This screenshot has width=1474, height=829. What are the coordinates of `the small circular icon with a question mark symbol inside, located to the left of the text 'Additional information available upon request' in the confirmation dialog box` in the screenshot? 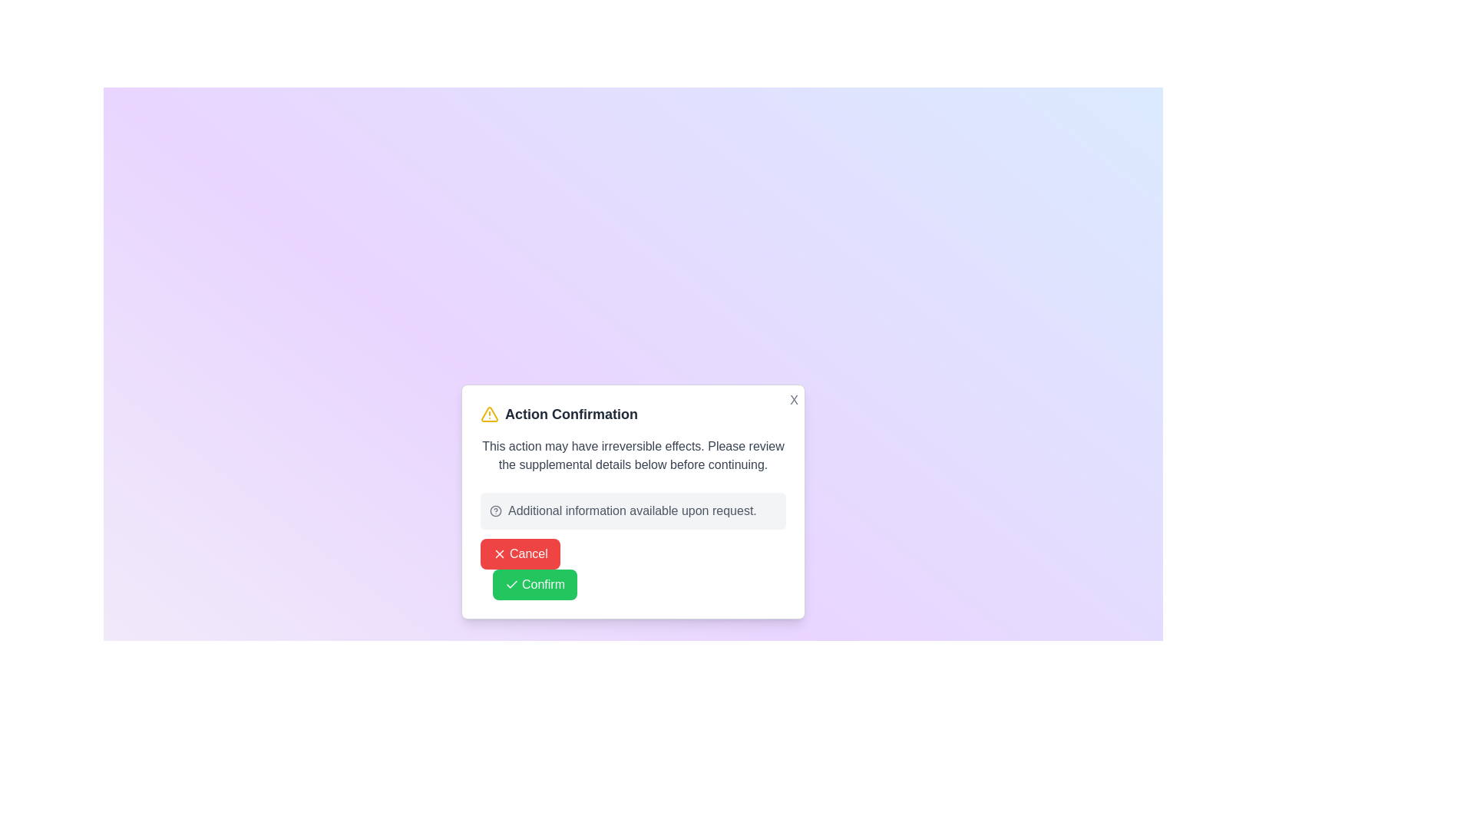 It's located at (496, 511).